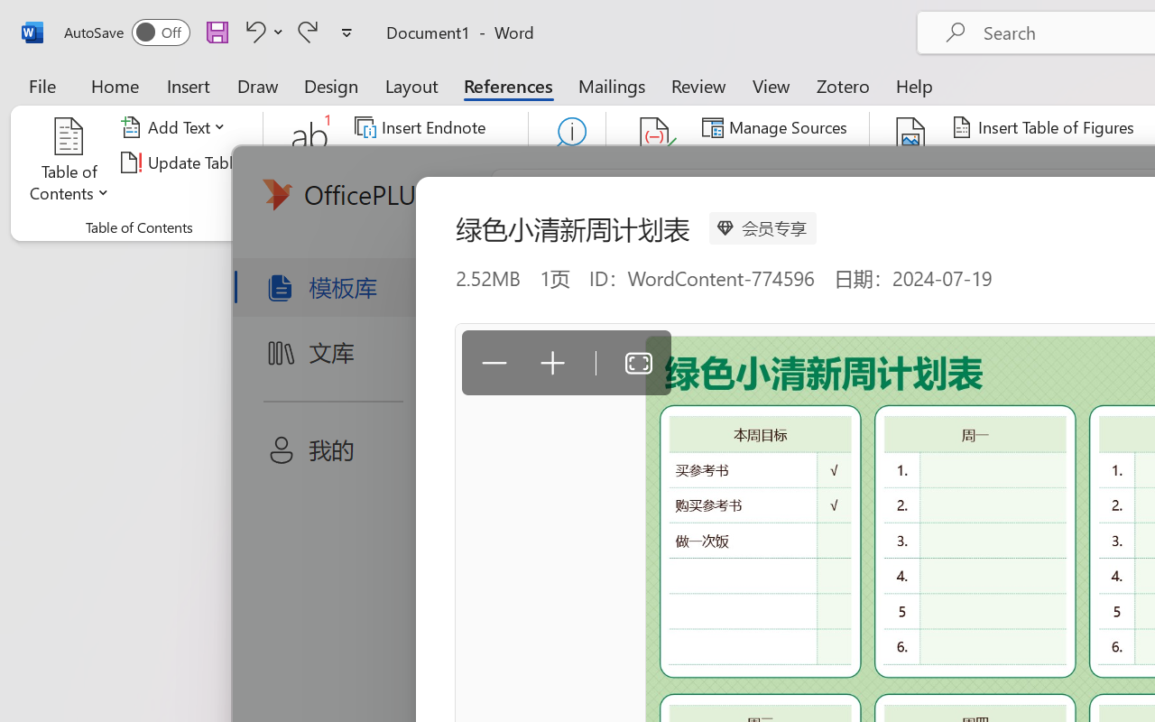 This screenshot has width=1155, height=722. Describe the element at coordinates (1046, 127) in the screenshot. I see `'Insert Table of Figures...'` at that location.